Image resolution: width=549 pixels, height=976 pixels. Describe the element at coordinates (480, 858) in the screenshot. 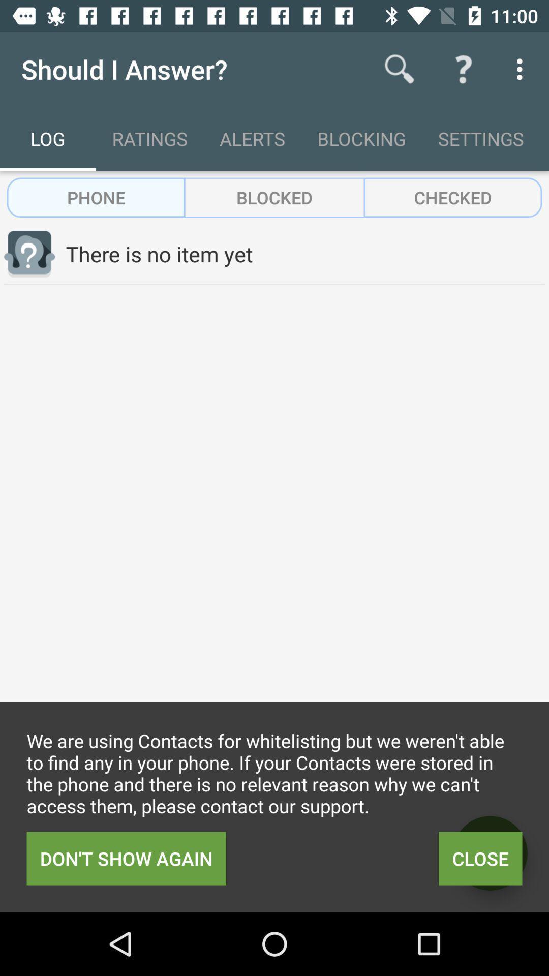

I see `item to the right of don t show icon` at that location.